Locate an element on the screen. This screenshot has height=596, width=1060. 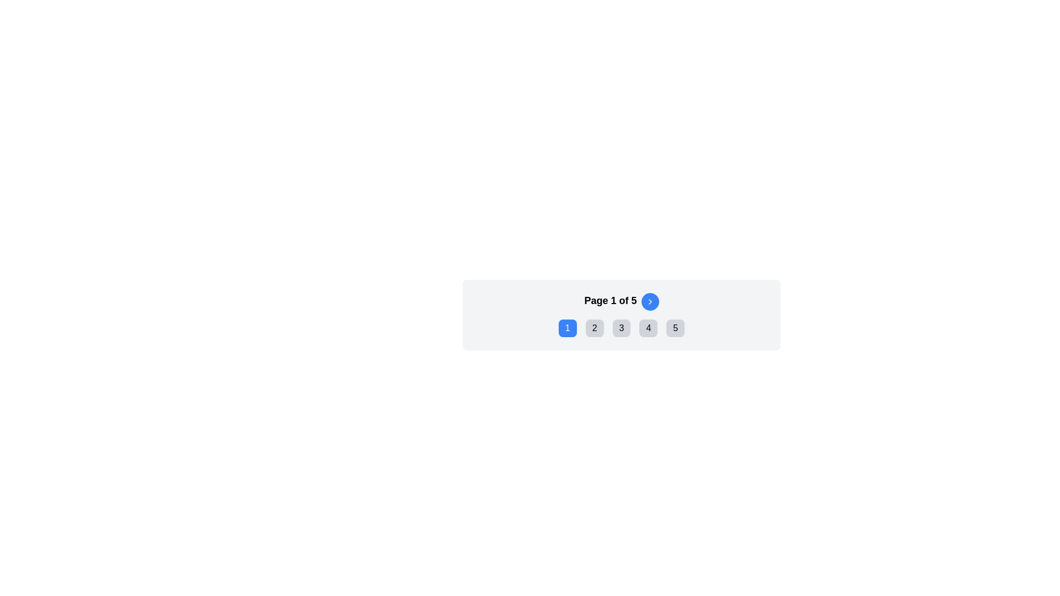
the first navigational button on the far left of the group is located at coordinates (568, 327).